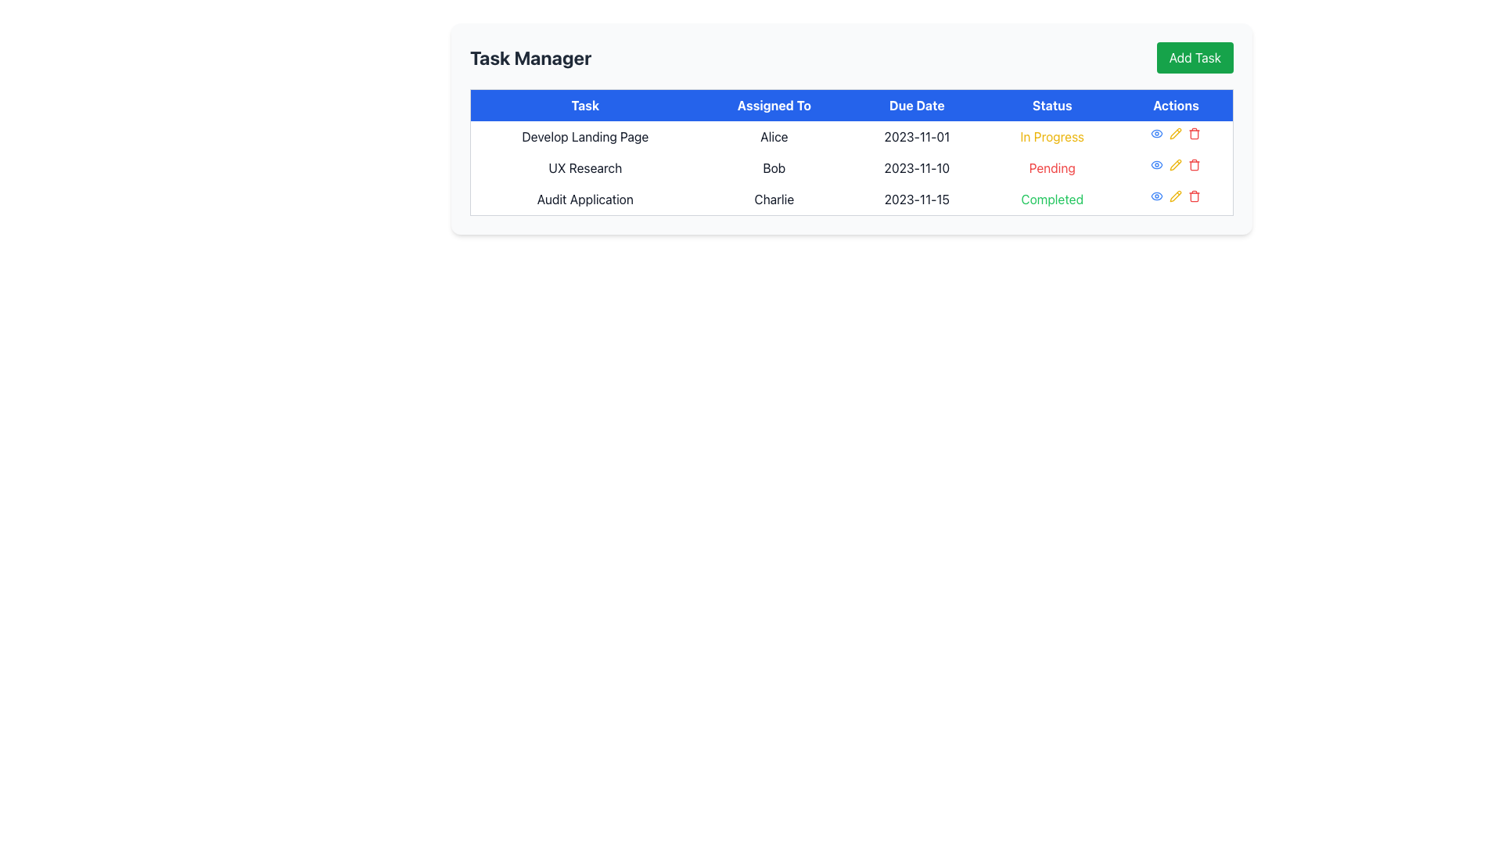 This screenshot has height=845, width=1502. Describe the element at coordinates (530, 56) in the screenshot. I see `the Header text at the top-left corner of the header bar, which serves as a title or label for the application` at that location.